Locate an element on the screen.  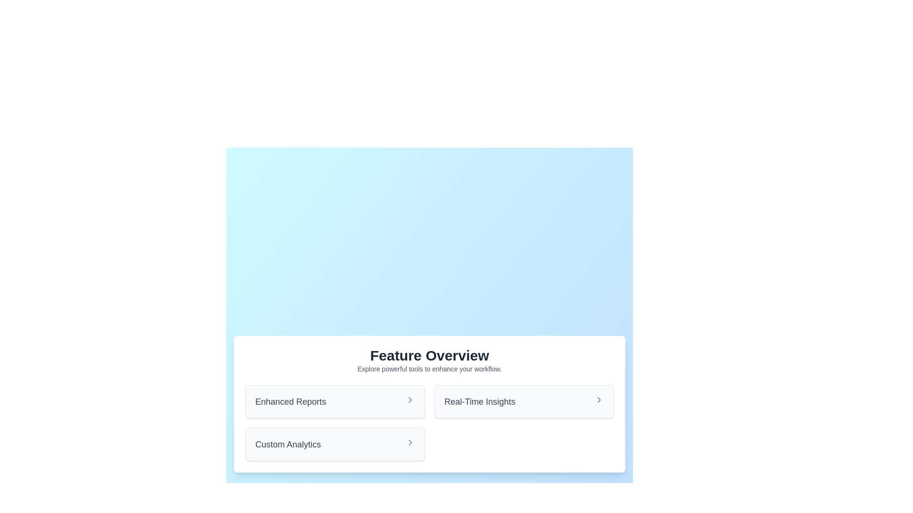
the Chevron icon located to the far right of the 'Enhanced Reports' section title is located at coordinates (410, 399).